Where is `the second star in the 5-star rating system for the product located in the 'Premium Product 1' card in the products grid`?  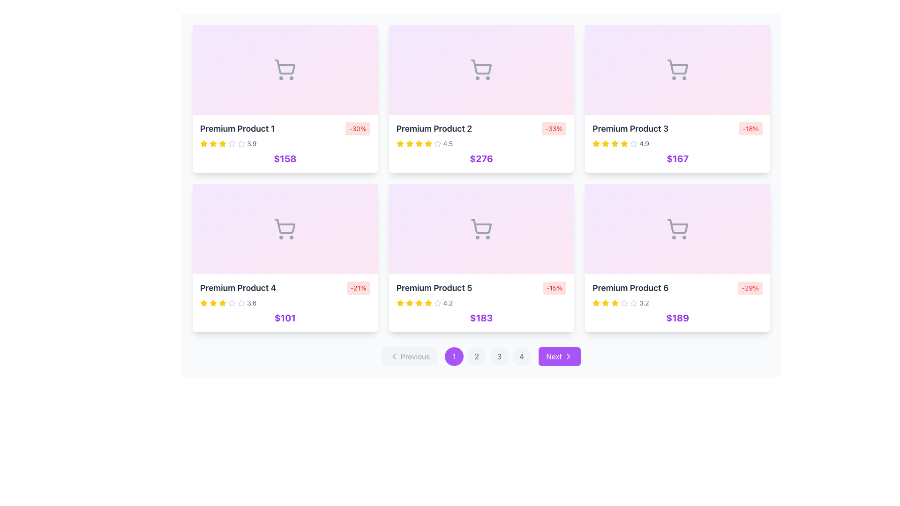
the second star in the 5-star rating system for the product located in the 'Premium Product 1' card in the products grid is located at coordinates (222, 143).